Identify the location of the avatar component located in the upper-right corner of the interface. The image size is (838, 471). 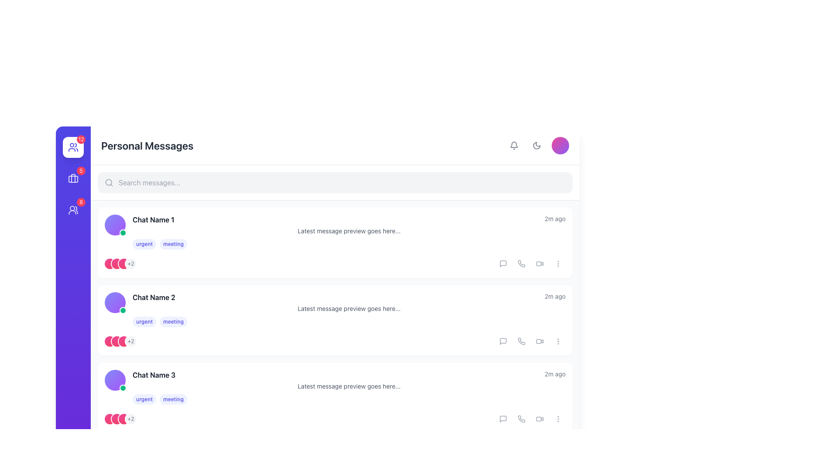
(560, 145).